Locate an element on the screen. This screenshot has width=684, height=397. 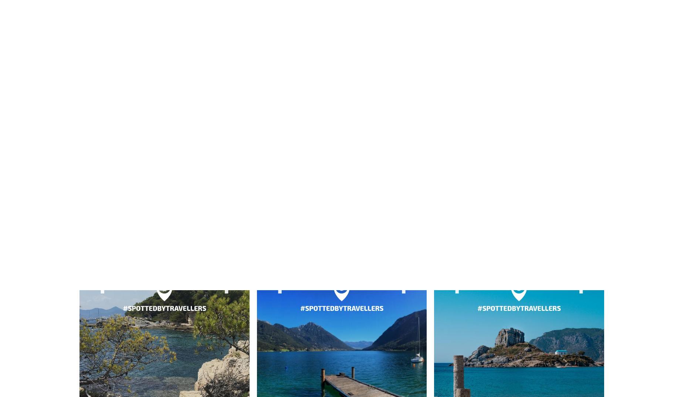
'Kandersteg' is located at coordinates (341, 20).